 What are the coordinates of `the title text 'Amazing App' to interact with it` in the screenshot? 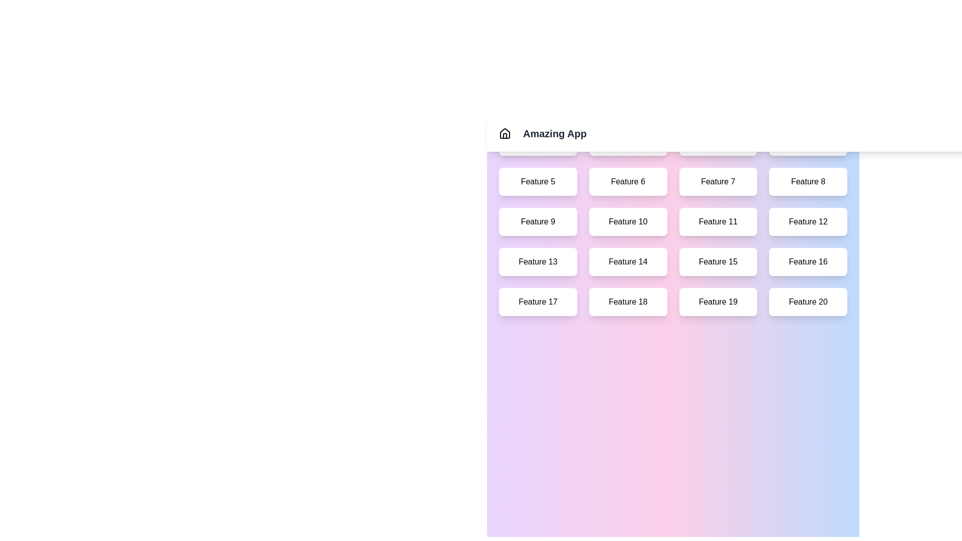 It's located at (554, 133).